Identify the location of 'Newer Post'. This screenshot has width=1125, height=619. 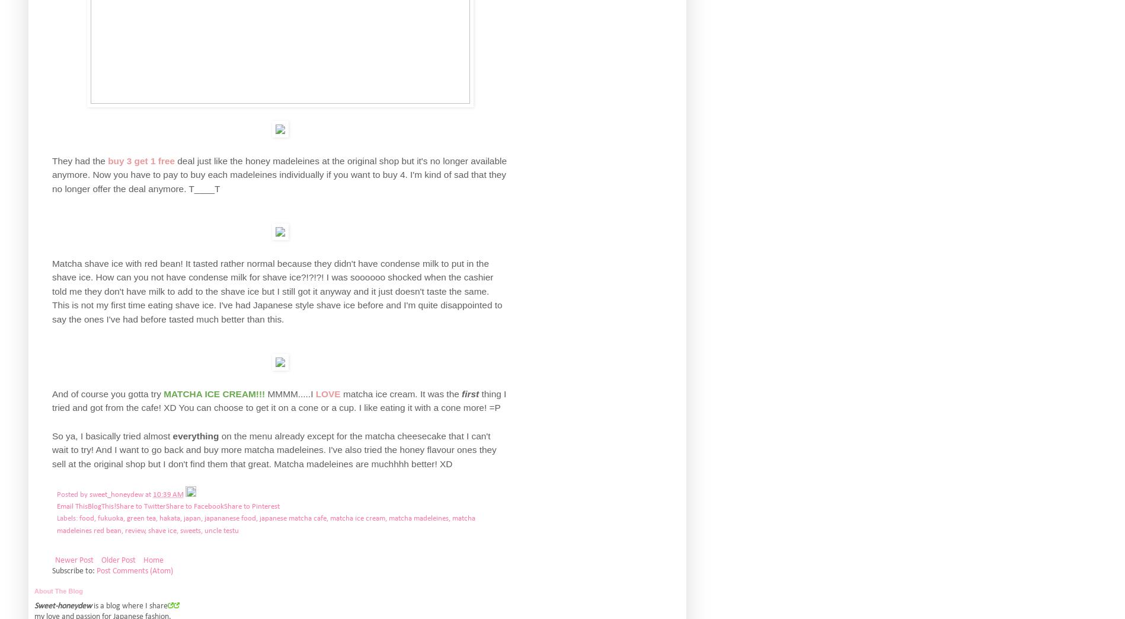
(74, 559).